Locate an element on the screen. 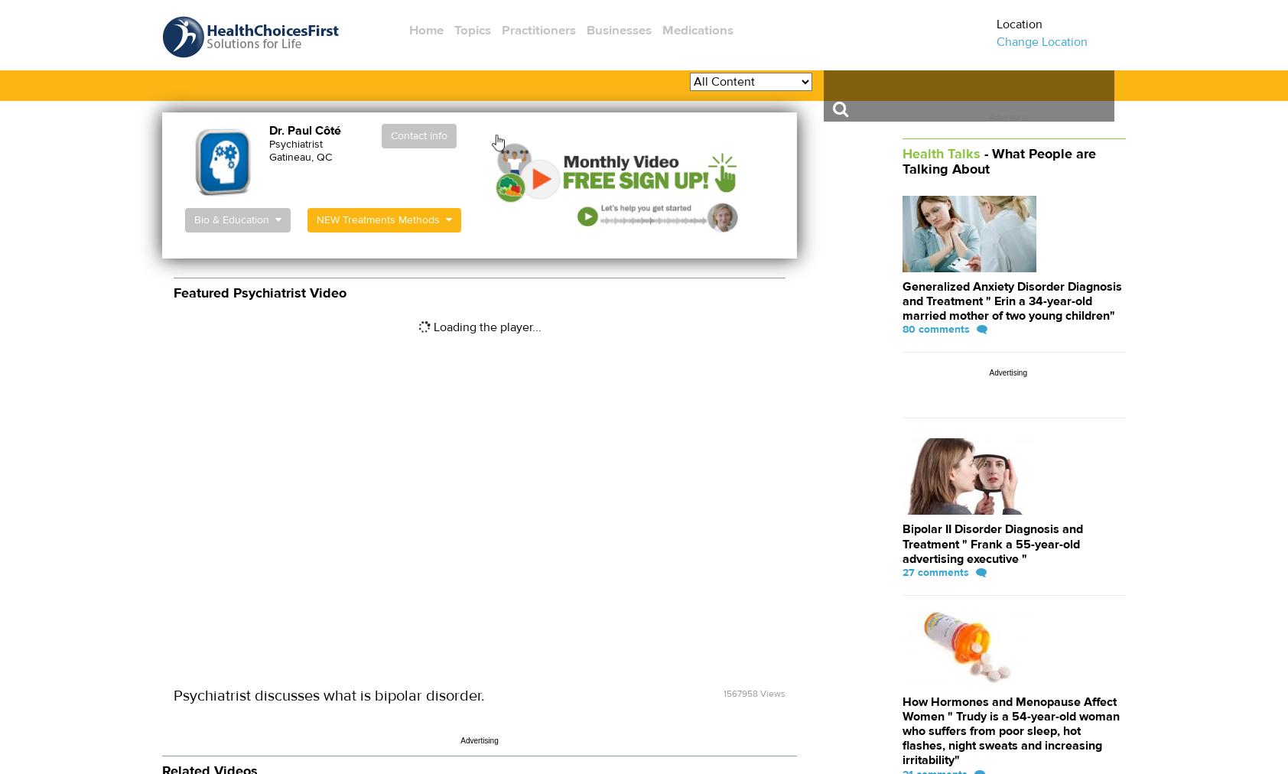 The height and width of the screenshot is (774, 1288). 'Loading the player...' is located at coordinates (485, 327).